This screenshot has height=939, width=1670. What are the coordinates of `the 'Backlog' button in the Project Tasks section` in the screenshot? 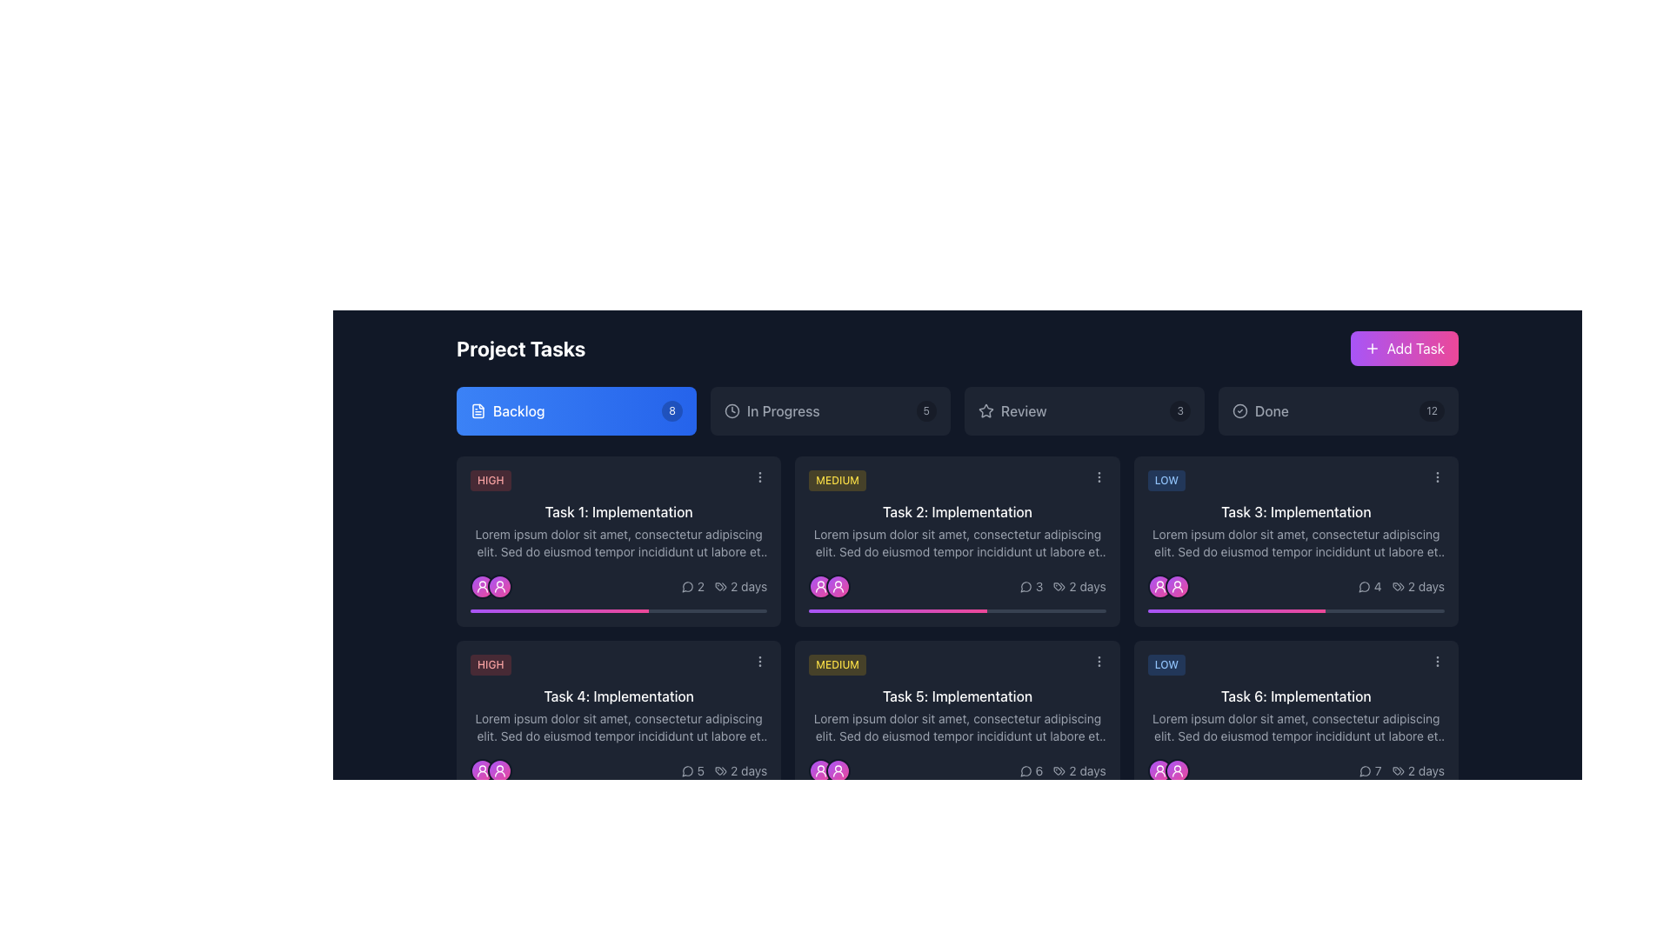 It's located at (576, 411).